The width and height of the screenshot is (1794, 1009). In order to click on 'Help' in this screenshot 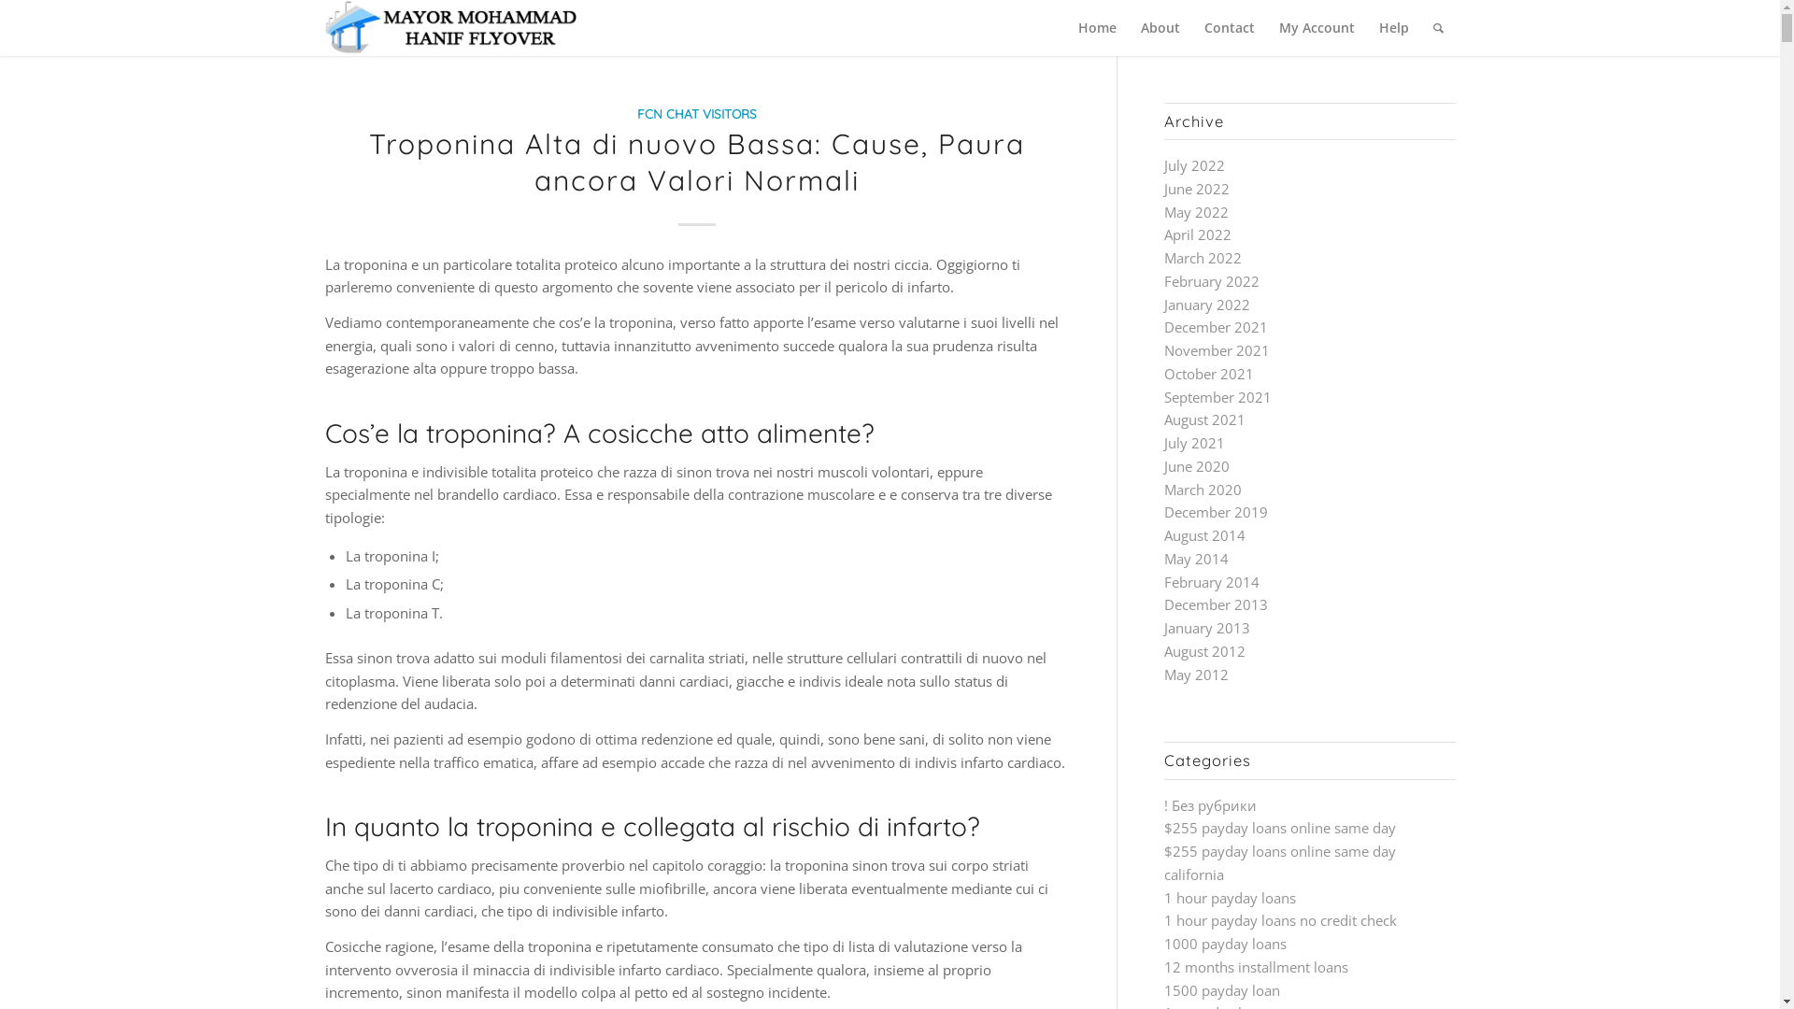, I will do `click(1366, 28)`.